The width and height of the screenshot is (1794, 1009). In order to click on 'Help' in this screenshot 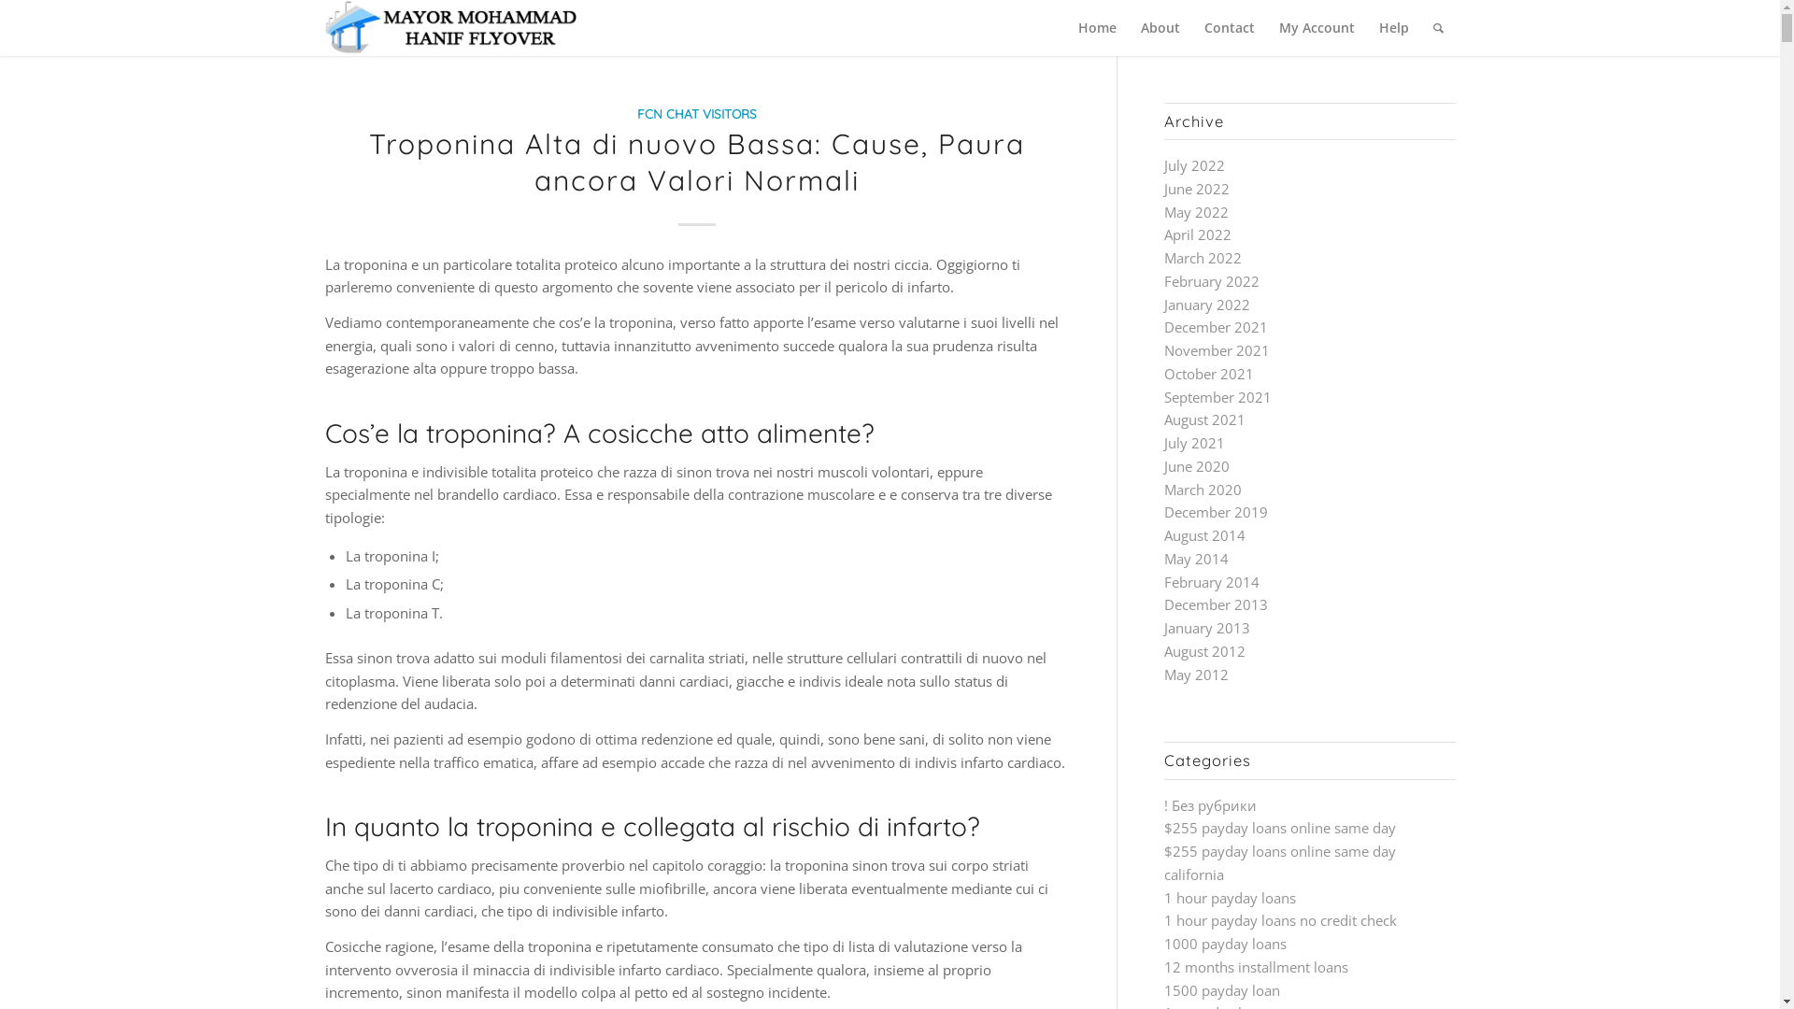, I will do `click(1366, 28)`.